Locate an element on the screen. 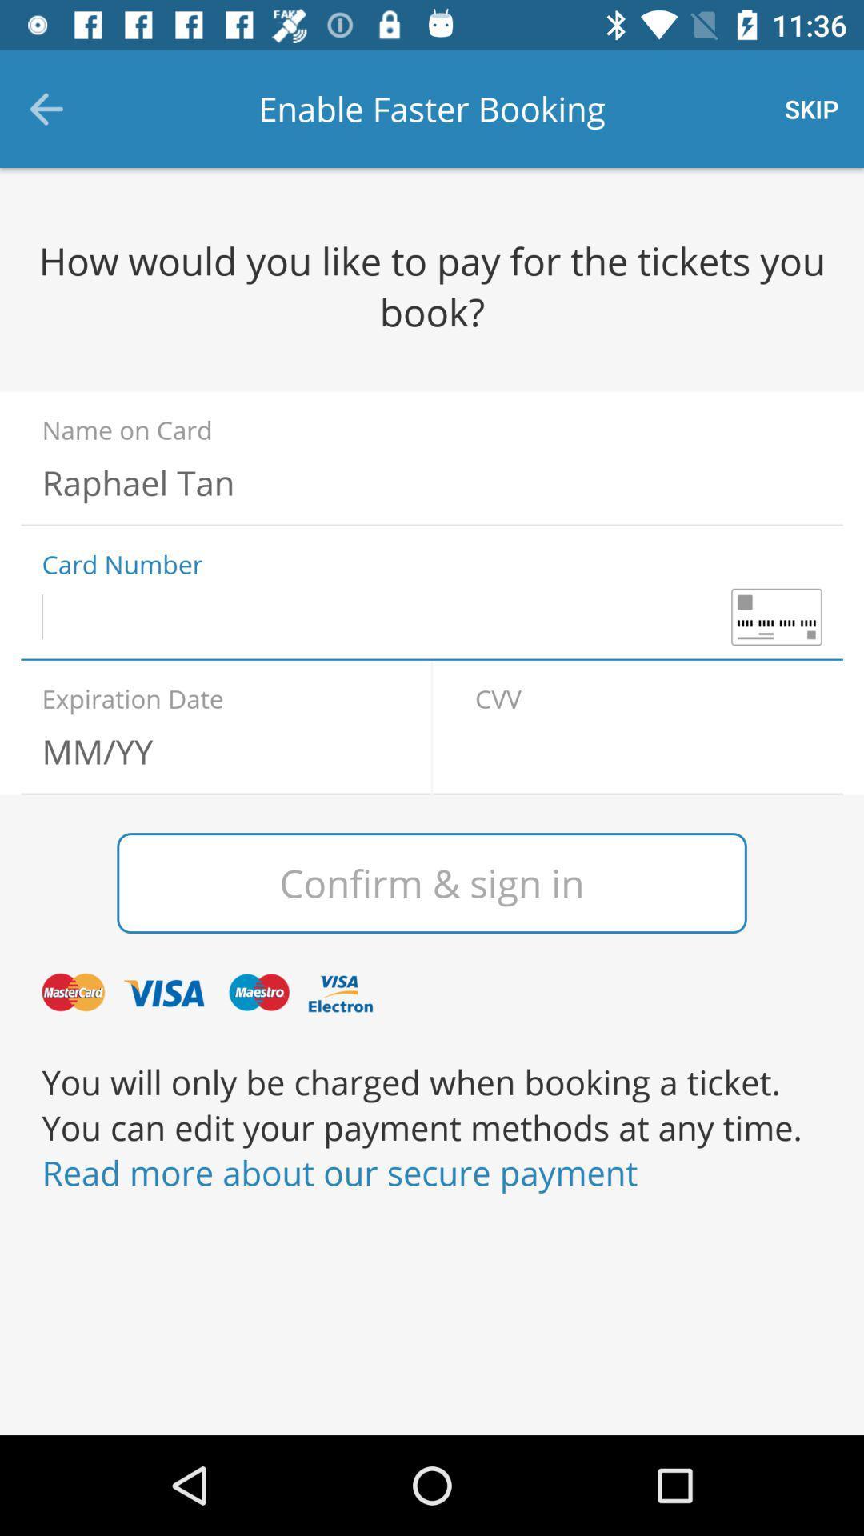 This screenshot has height=1536, width=864. card number is located at coordinates (432, 616).